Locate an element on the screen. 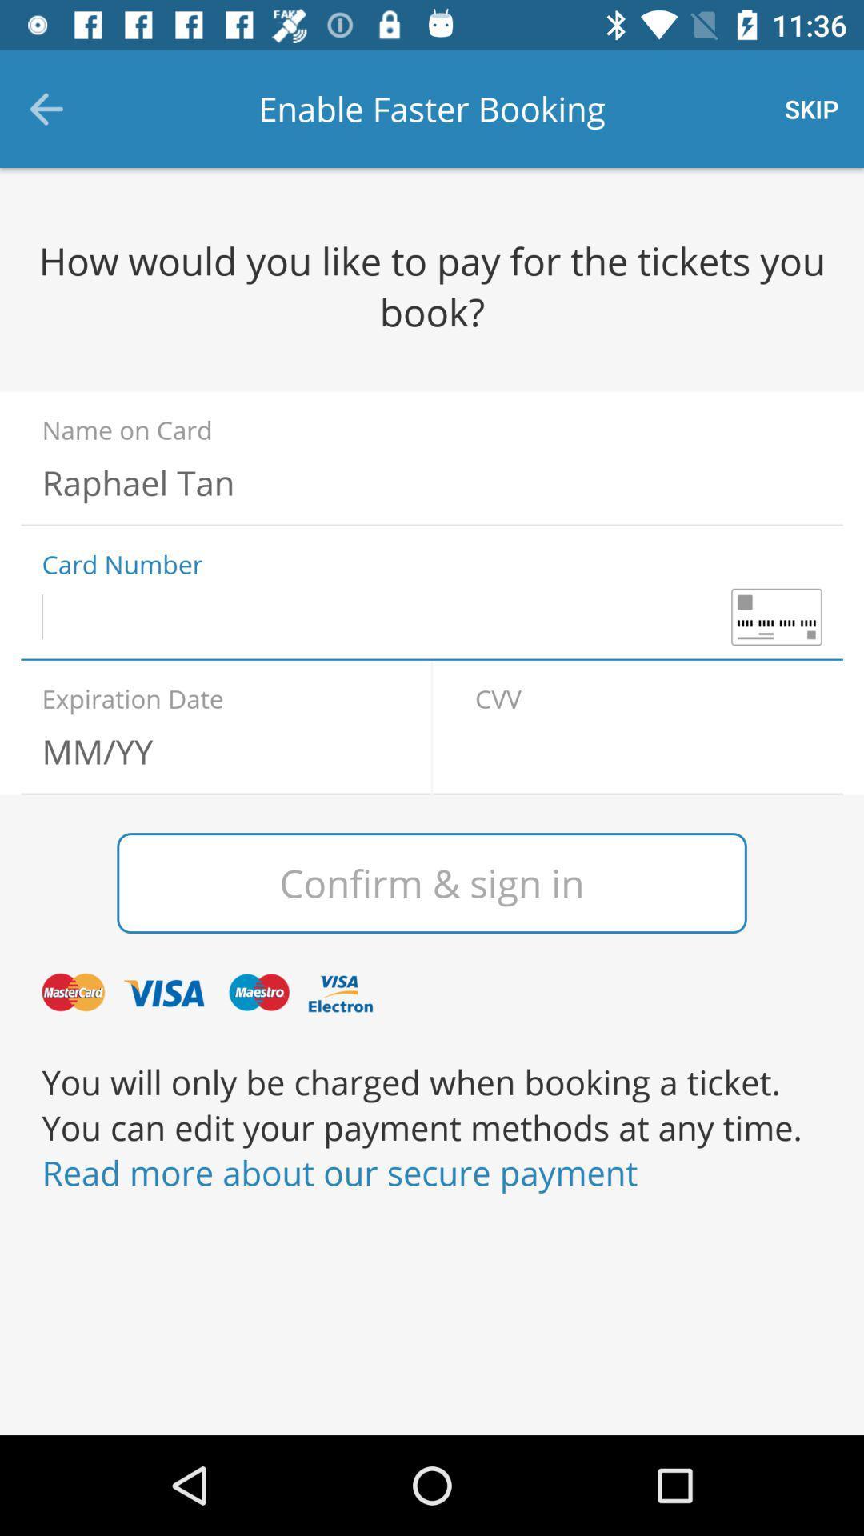 This screenshot has height=1536, width=864. card number is located at coordinates (432, 616).